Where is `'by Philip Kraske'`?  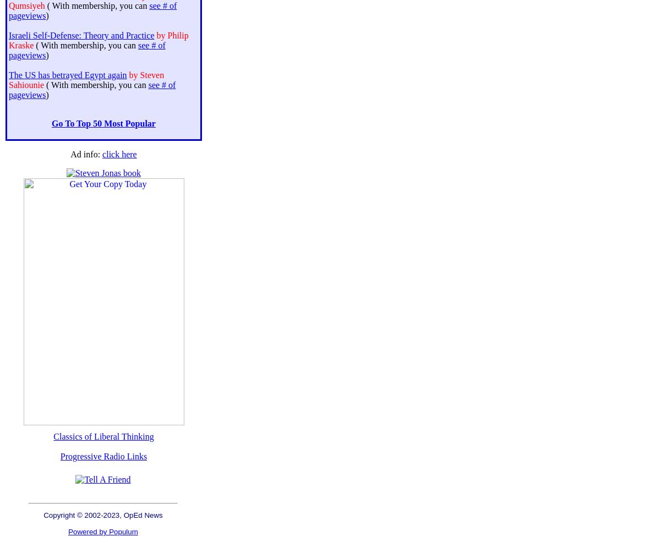 'by Philip Kraske' is located at coordinates (98, 40).